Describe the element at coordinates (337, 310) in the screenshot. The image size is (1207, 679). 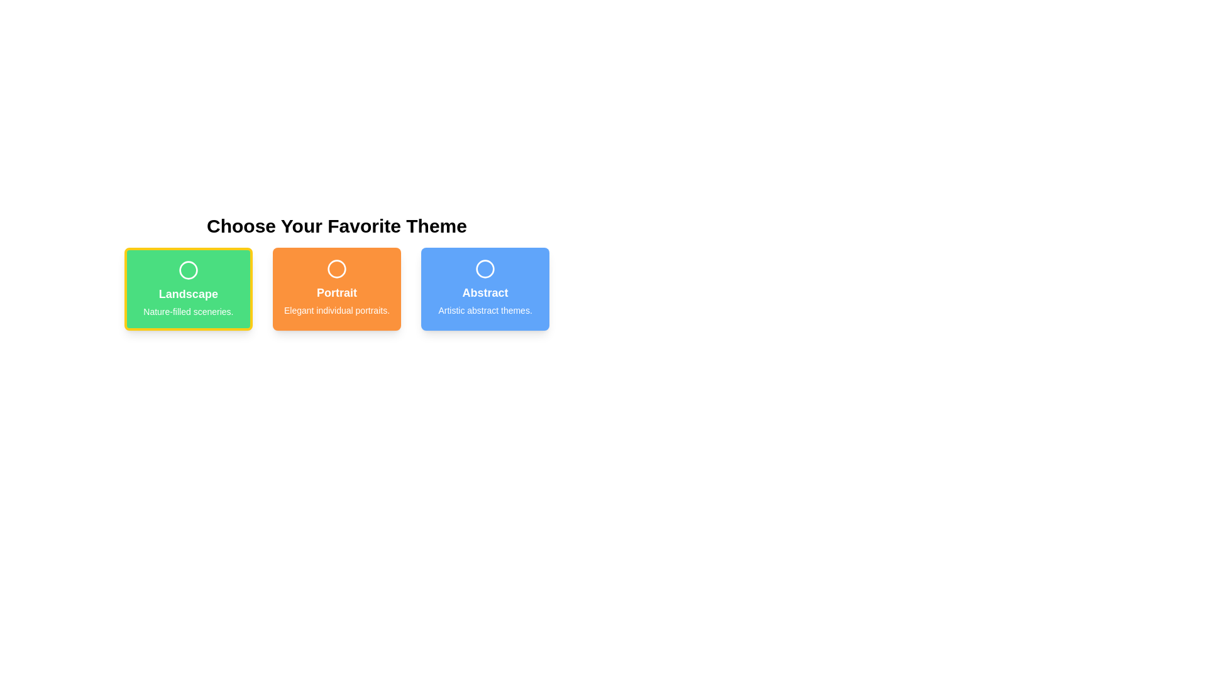
I see `the static descriptive text located at the bottom section of the center card titled 'Portrait', which provides additional information about the card's content and is positioned between the 'Landscape' and 'Abstract' cards` at that location.